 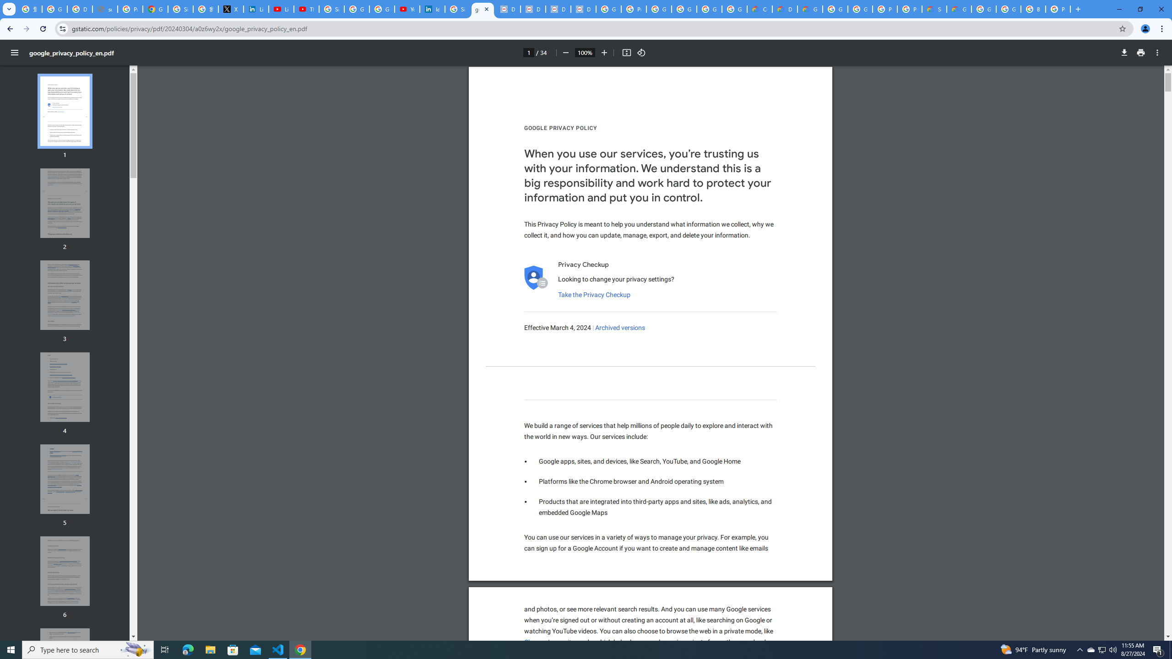 What do you see at coordinates (528, 52) in the screenshot?
I see `'Page number'` at bounding box center [528, 52].